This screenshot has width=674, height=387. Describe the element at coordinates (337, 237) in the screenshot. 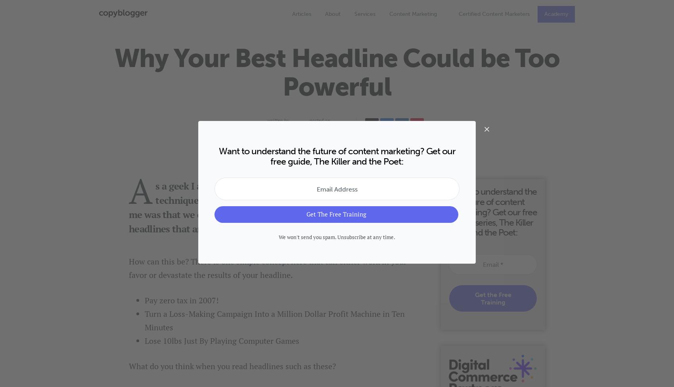

I see `'We won't send you spam. Unsubscribe at any time.'` at that location.